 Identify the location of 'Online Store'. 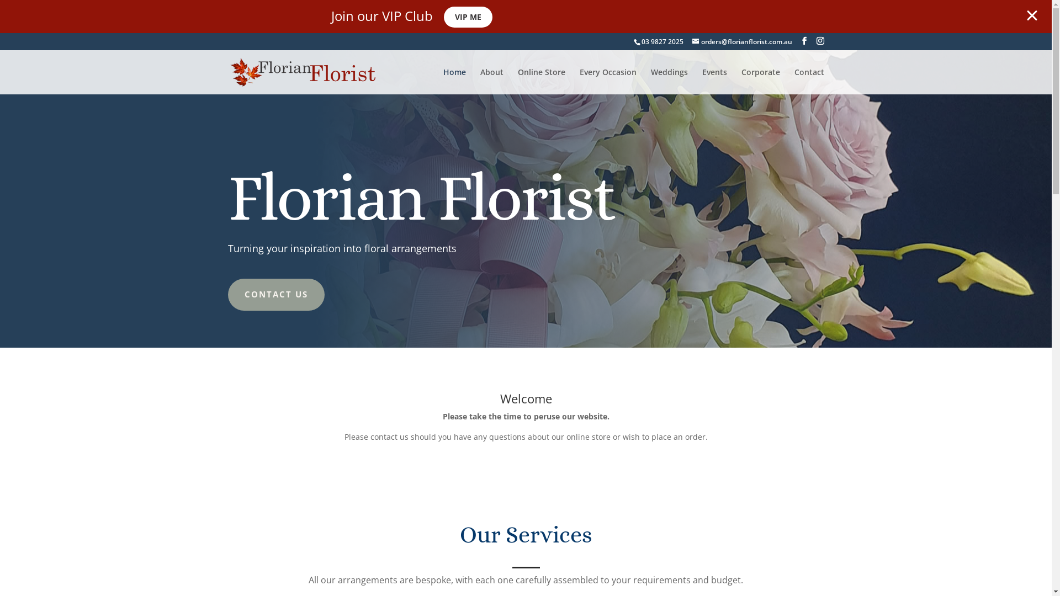
(541, 81).